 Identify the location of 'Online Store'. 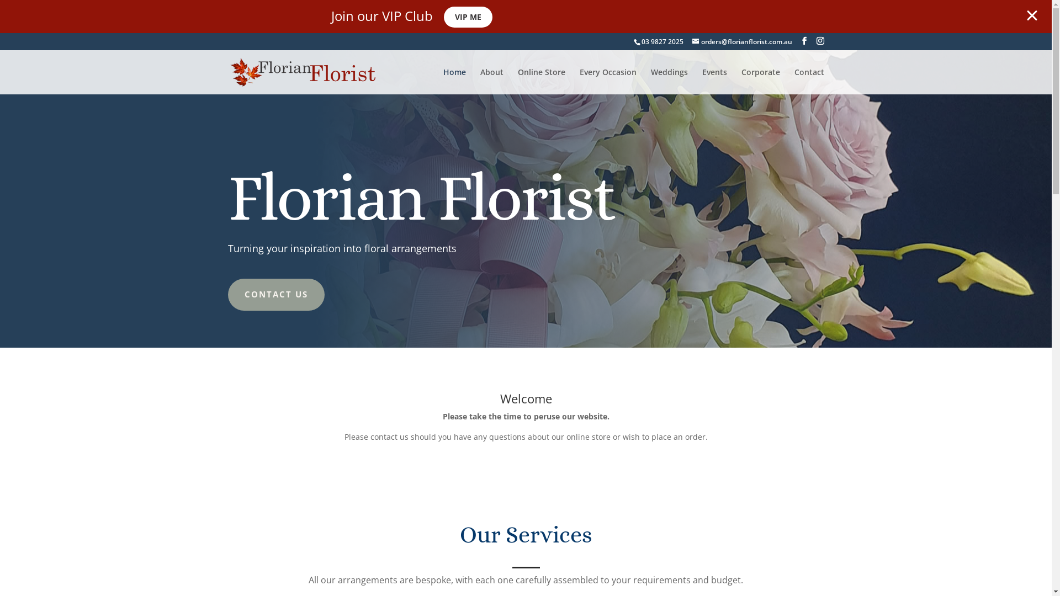
(541, 81).